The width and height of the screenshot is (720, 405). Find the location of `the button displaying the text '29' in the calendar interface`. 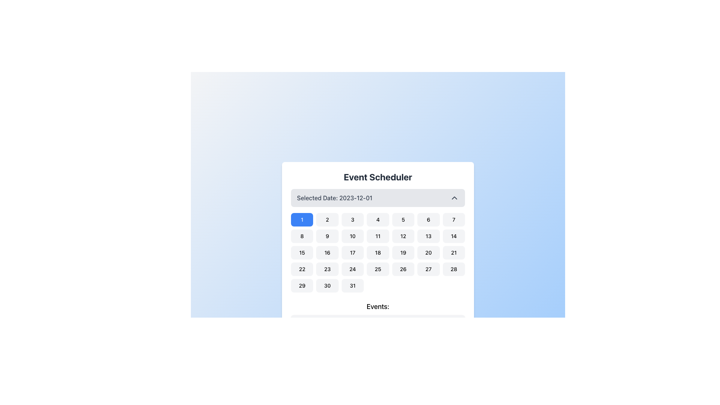

the button displaying the text '29' in the calendar interface is located at coordinates (302, 286).